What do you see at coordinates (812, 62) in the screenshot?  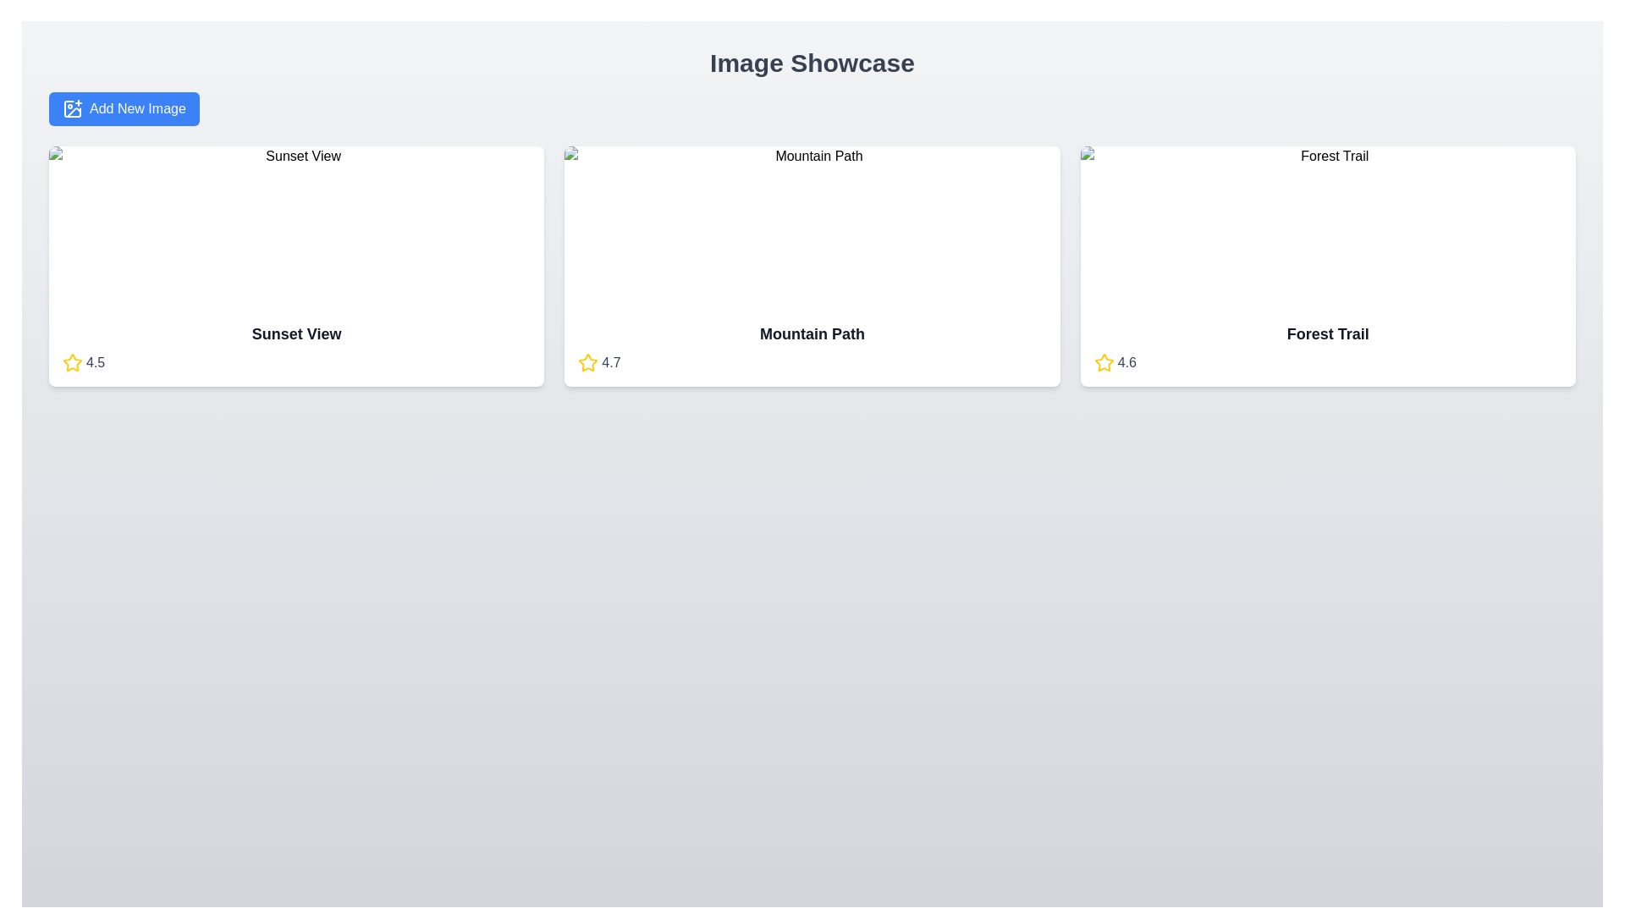 I see `text label that acts as a title for the section showcasing images, positioned at the top center of the interface above the 'Add New Image' button` at bounding box center [812, 62].